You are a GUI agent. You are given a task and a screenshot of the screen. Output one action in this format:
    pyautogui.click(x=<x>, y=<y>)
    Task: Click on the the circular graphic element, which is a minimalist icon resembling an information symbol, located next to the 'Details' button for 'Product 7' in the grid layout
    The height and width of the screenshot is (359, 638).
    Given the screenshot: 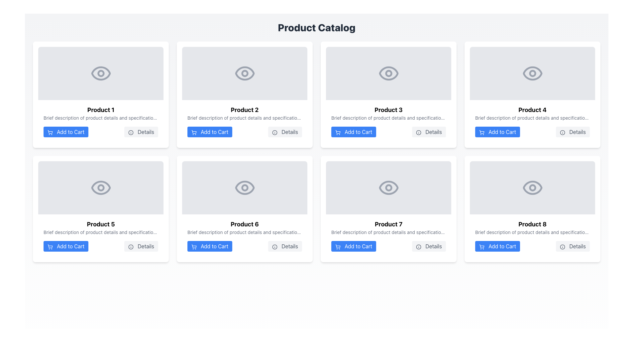 What is the action you would take?
    pyautogui.click(x=418, y=247)
    